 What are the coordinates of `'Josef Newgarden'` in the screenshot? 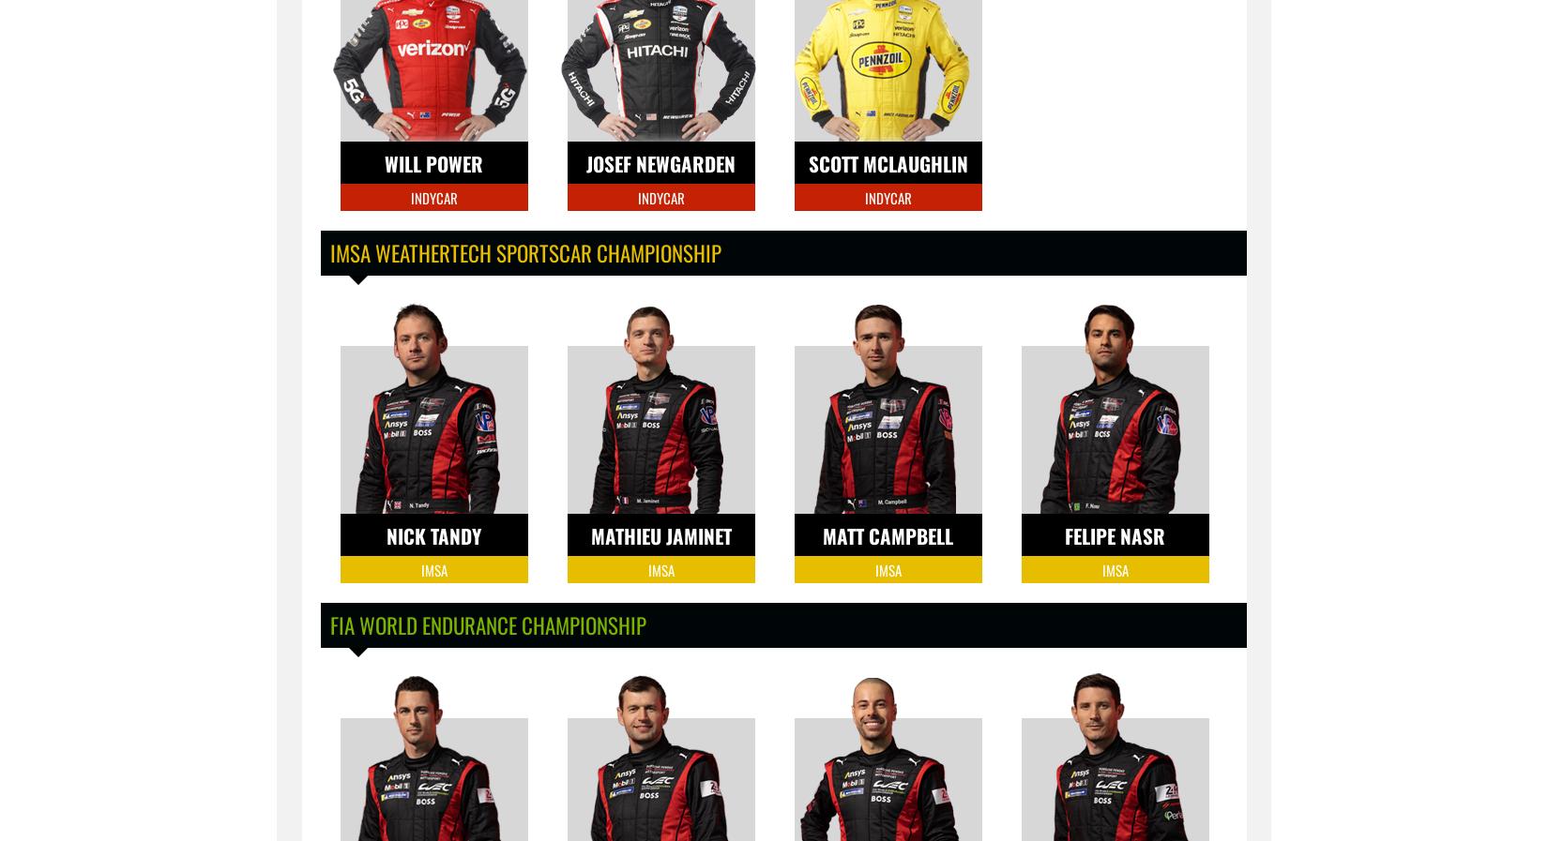 It's located at (660, 162).